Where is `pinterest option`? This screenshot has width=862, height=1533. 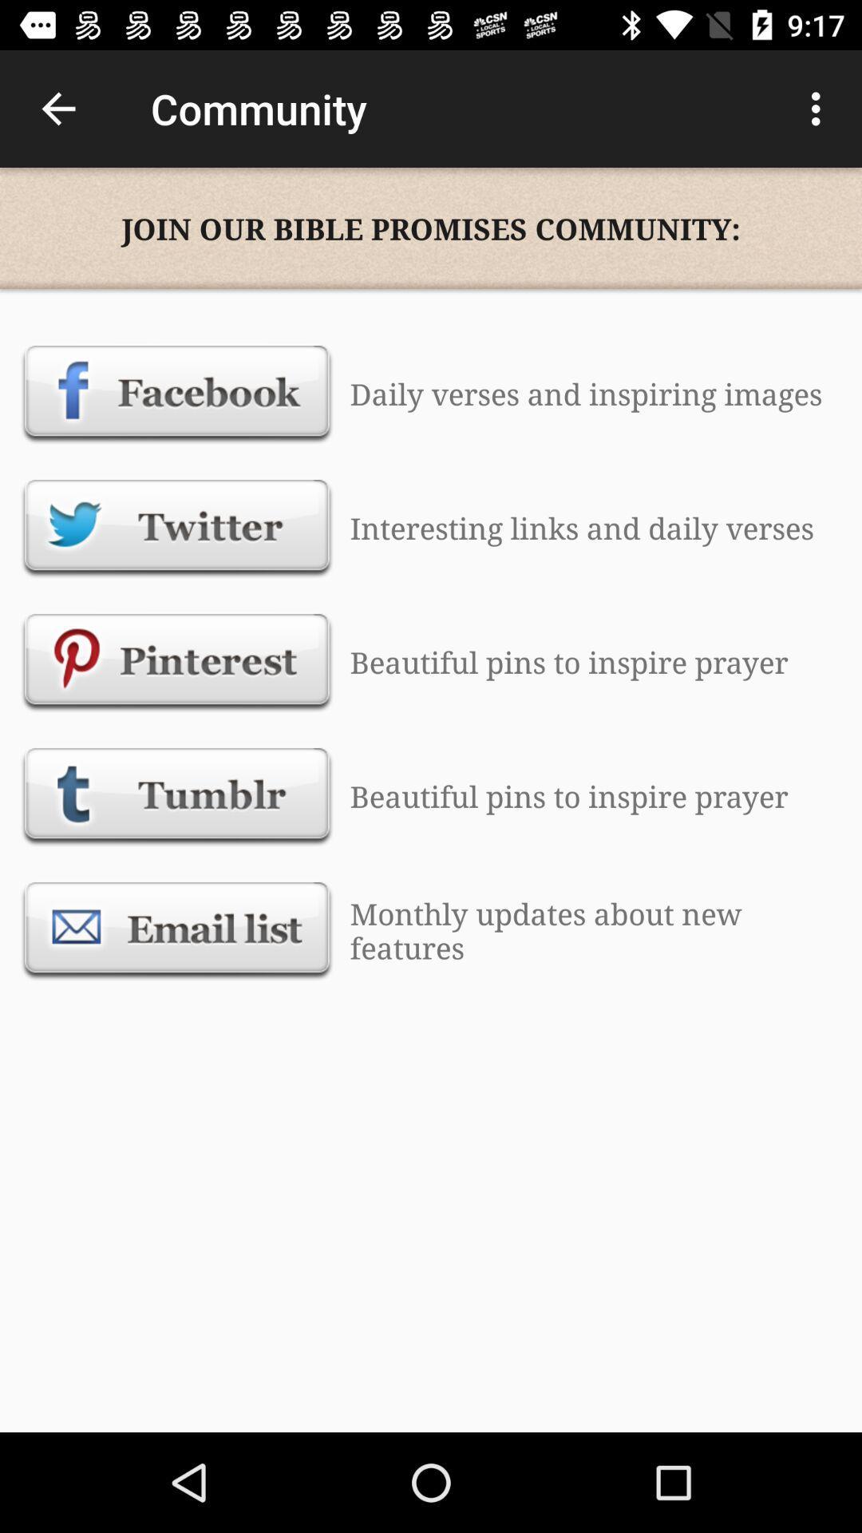
pinterest option is located at coordinates (177, 662).